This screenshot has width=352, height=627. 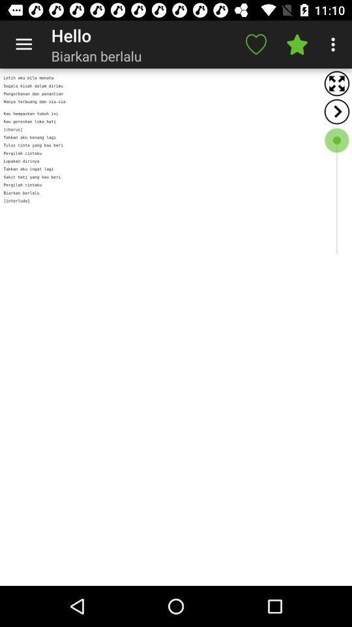 What do you see at coordinates (336, 83) in the screenshot?
I see `the fullscreen icon` at bounding box center [336, 83].